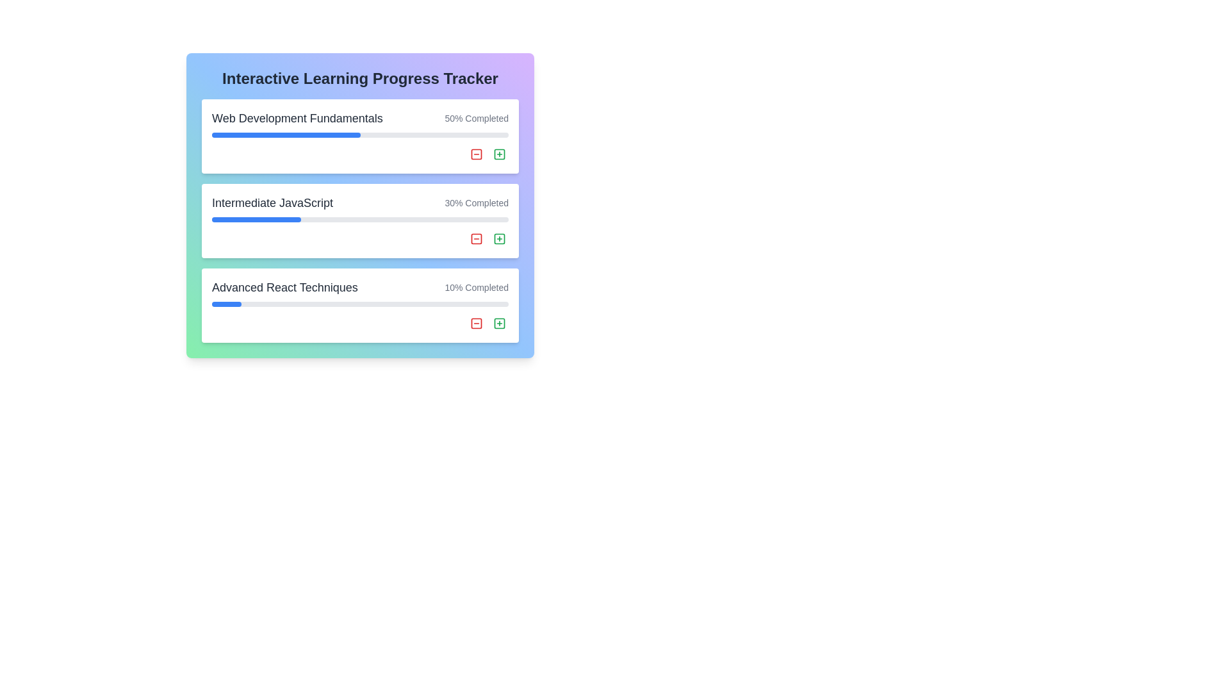  What do you see at coordinates (297, 119) in the screenshot?
I see `the text label that reads 'Web Development Fundamentals', which is styled with a large font size, bold weight, and dark gray color, located at the top-left of the course progress card` at bounding box center [297, 119].